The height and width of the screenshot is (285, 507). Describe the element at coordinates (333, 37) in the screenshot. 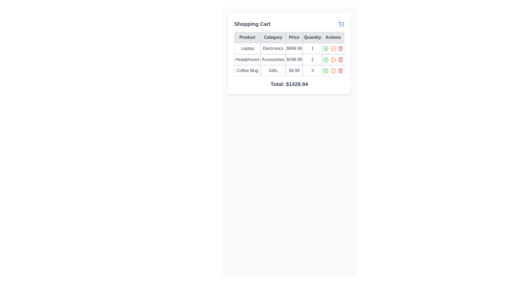

I see `the table header cell labeled 'Actions', which is the fifth column in the header row of the table and has a light gray background` at that location.